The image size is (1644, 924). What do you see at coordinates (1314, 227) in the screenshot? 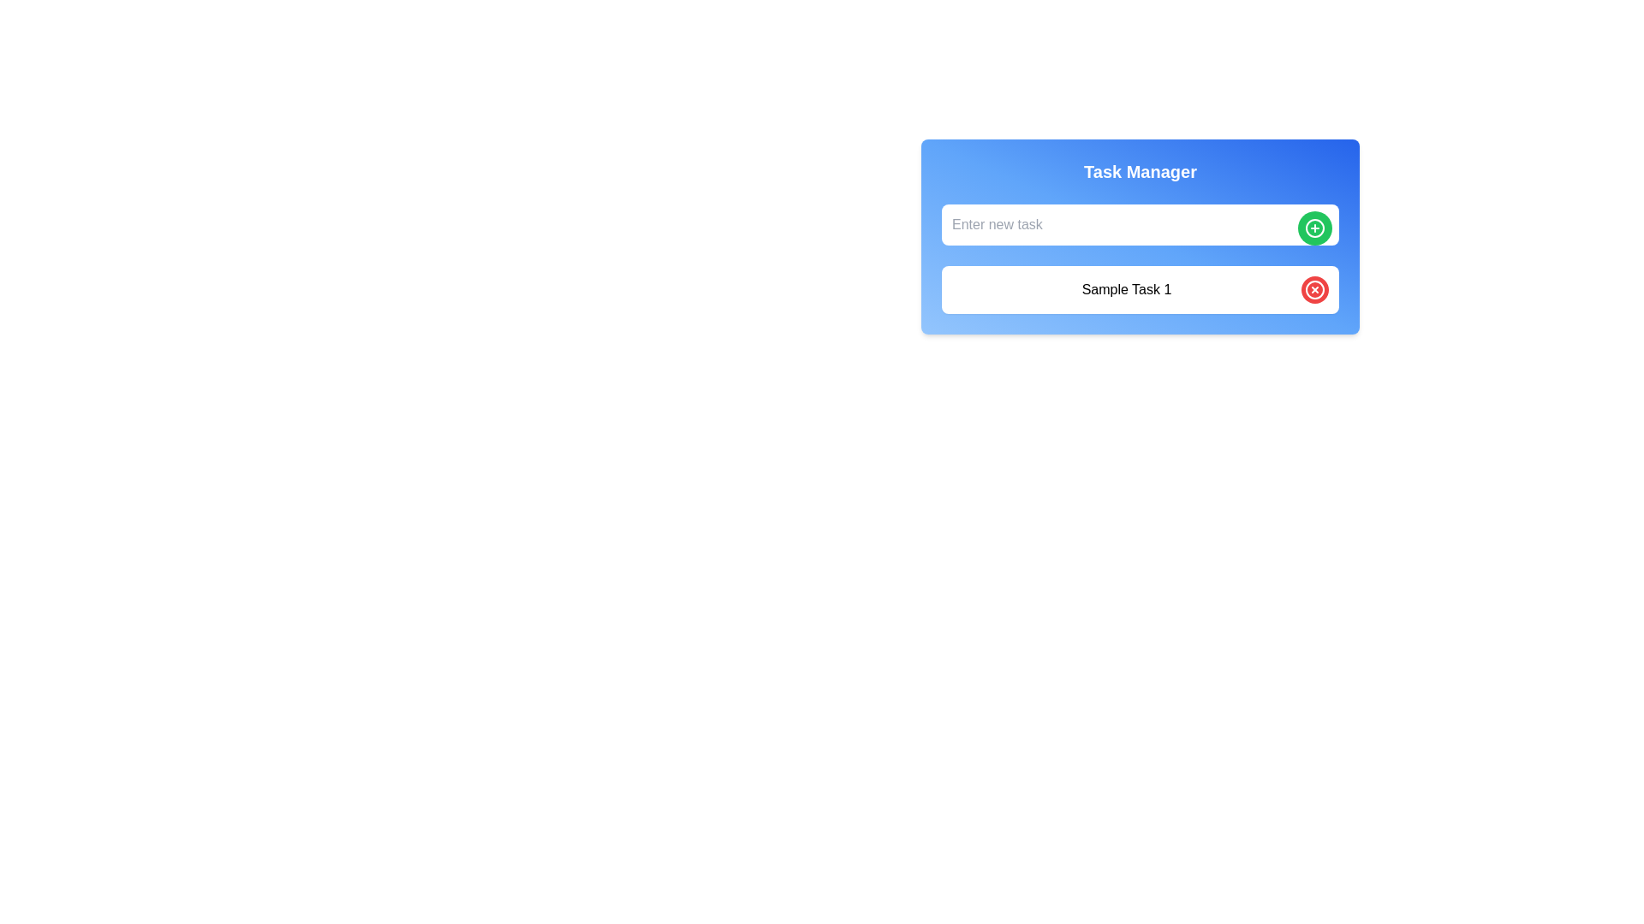
I see `the circular green button with a white plus icon located in the top-right corner of the 'Enter new task' input field` at bounding box center [1314, 227].